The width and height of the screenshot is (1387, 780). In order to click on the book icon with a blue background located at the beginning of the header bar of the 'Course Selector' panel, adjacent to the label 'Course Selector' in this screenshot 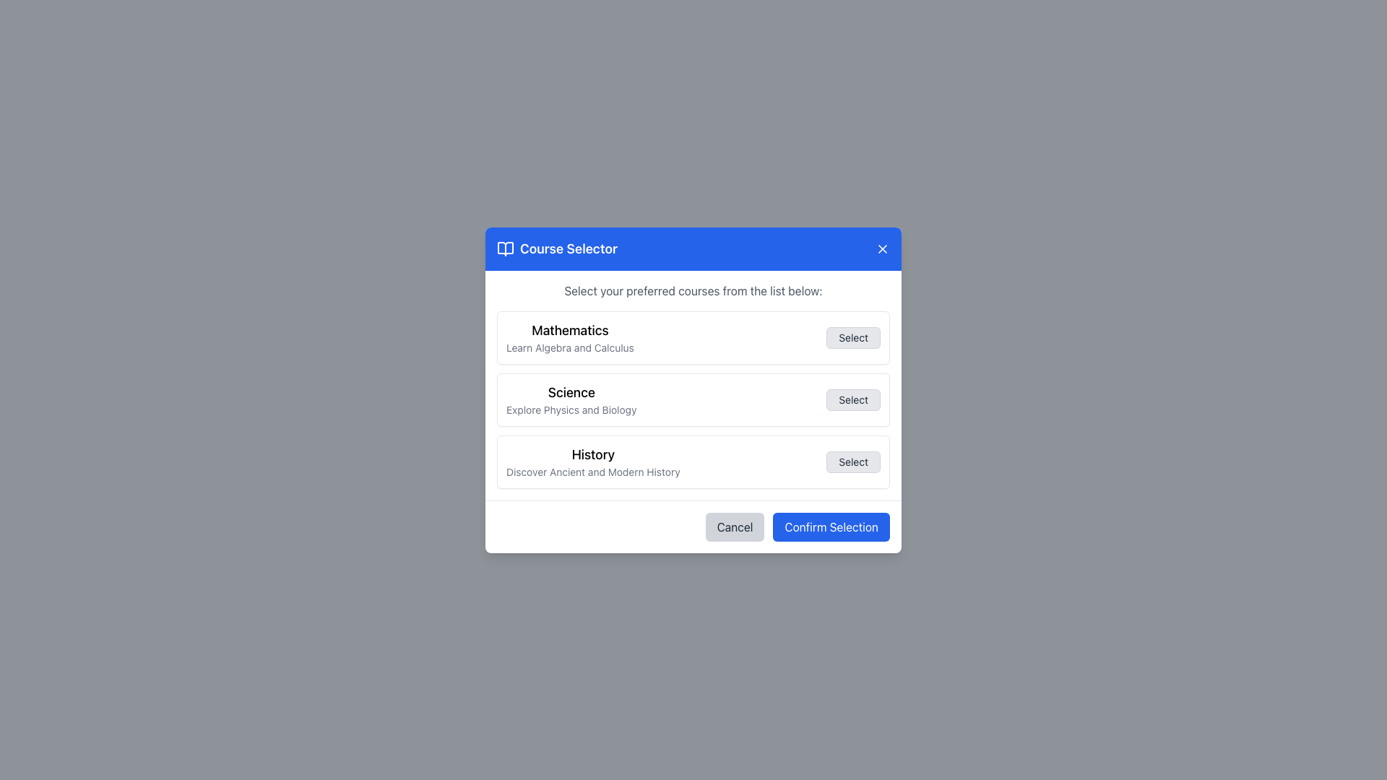, I will do `click(506, 248)`.